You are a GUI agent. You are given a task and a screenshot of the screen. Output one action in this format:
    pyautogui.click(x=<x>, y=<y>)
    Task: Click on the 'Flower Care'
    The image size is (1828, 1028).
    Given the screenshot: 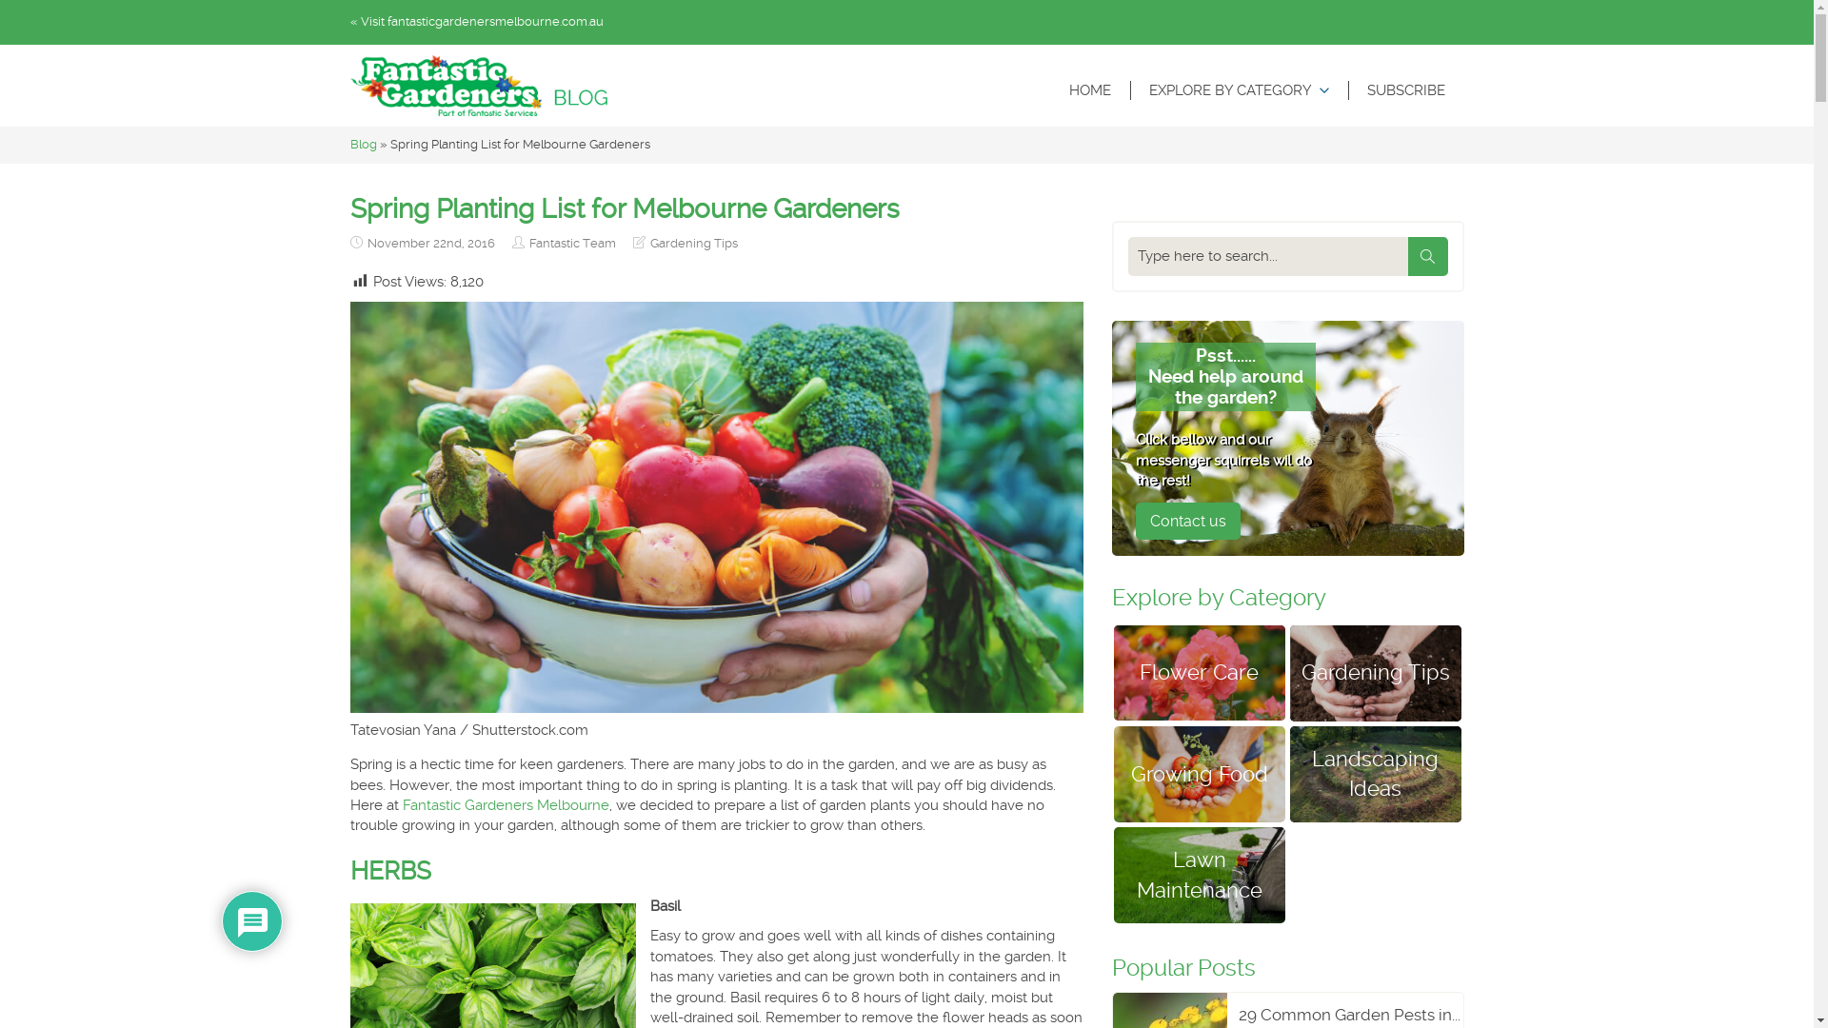 What is the action you would take?
    pyautogui.click(x=1198, y=672)
    